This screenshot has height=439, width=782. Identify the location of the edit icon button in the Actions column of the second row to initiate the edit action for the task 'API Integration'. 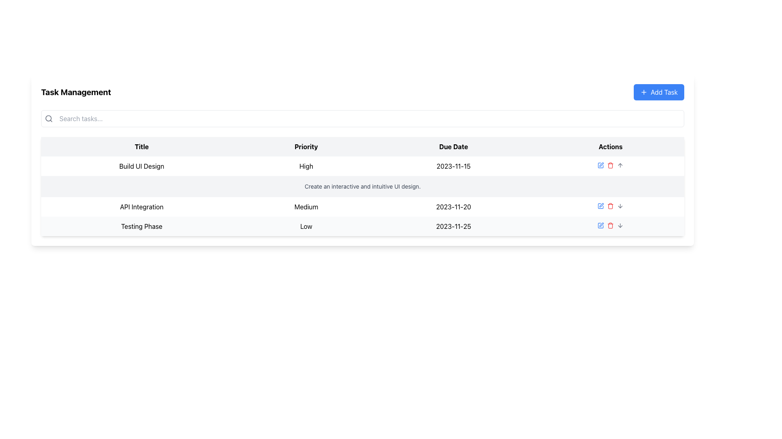
(601, 165).